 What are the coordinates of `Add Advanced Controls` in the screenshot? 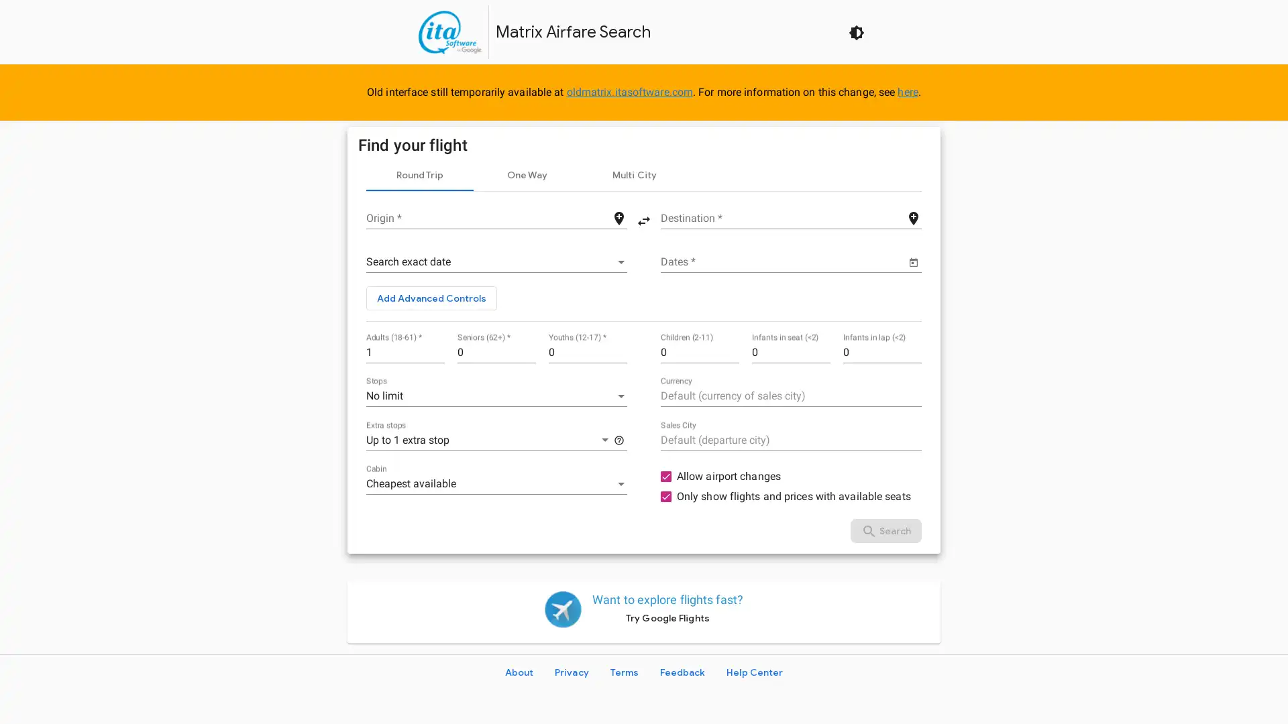 It's located at (431, 297).